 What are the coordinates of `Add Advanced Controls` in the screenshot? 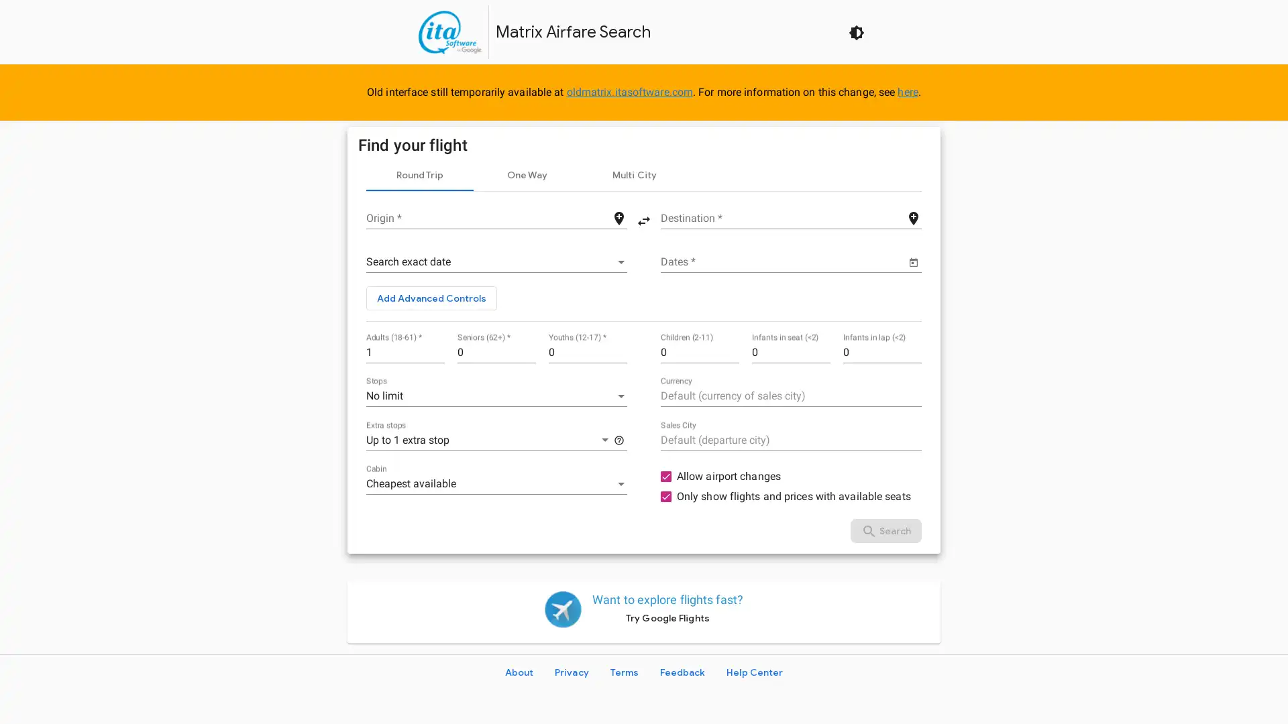 It's located at (431, 297).